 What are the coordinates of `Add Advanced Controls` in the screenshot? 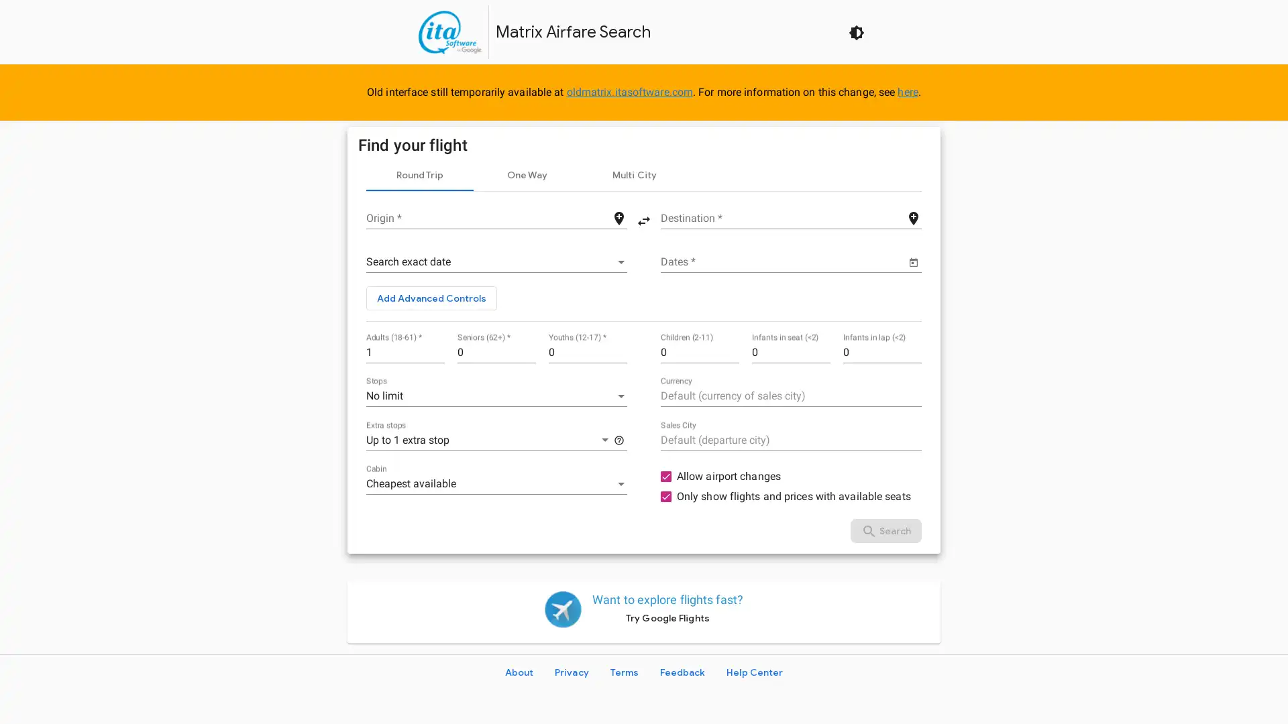 It's located at (431, 297).